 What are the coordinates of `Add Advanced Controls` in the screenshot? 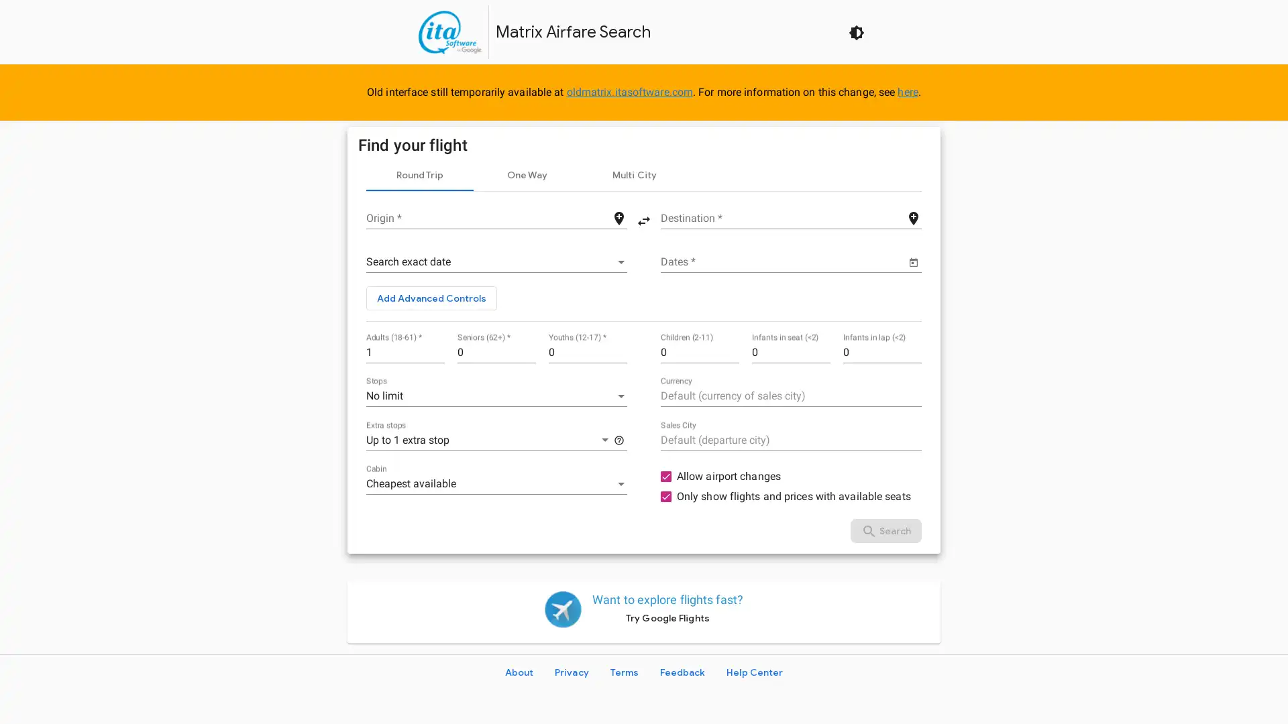 It's located at (431, 297).